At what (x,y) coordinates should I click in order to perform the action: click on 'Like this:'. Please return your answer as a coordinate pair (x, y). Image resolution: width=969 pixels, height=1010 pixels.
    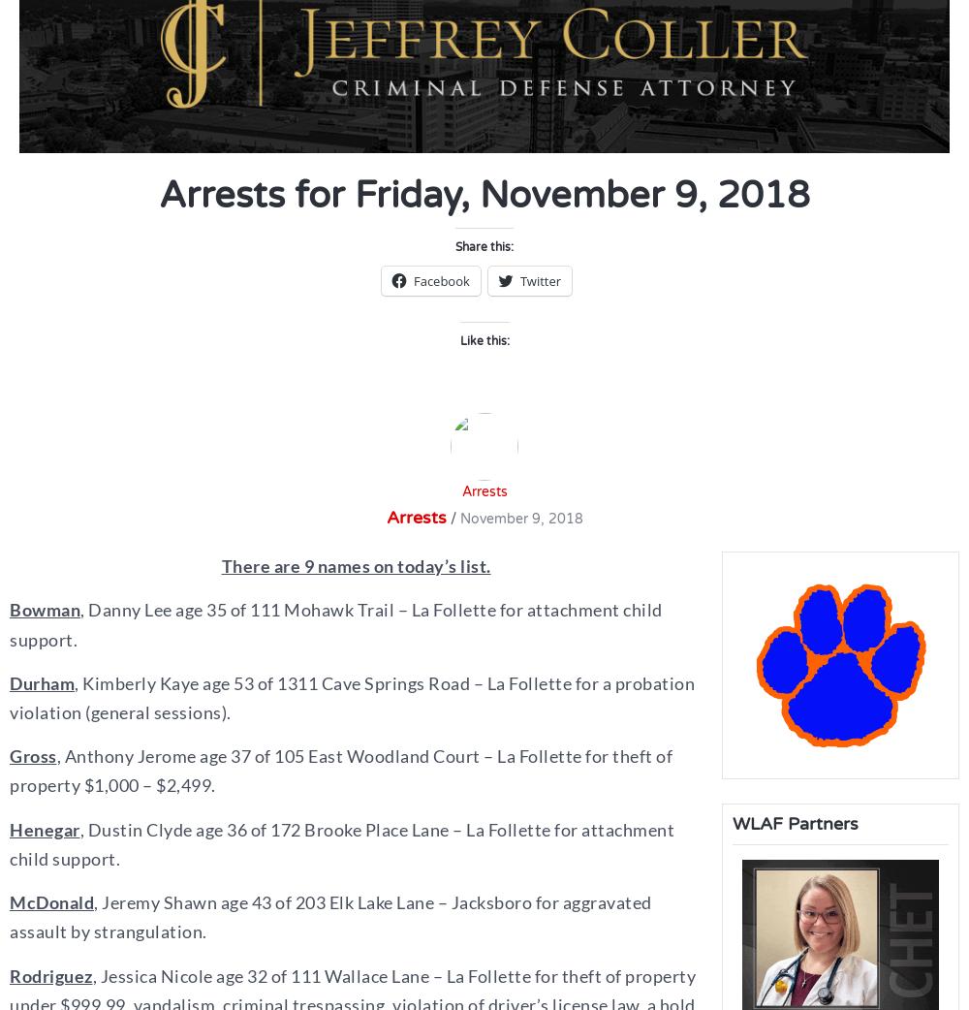
    Looking at the image, I should click on (483, 339).